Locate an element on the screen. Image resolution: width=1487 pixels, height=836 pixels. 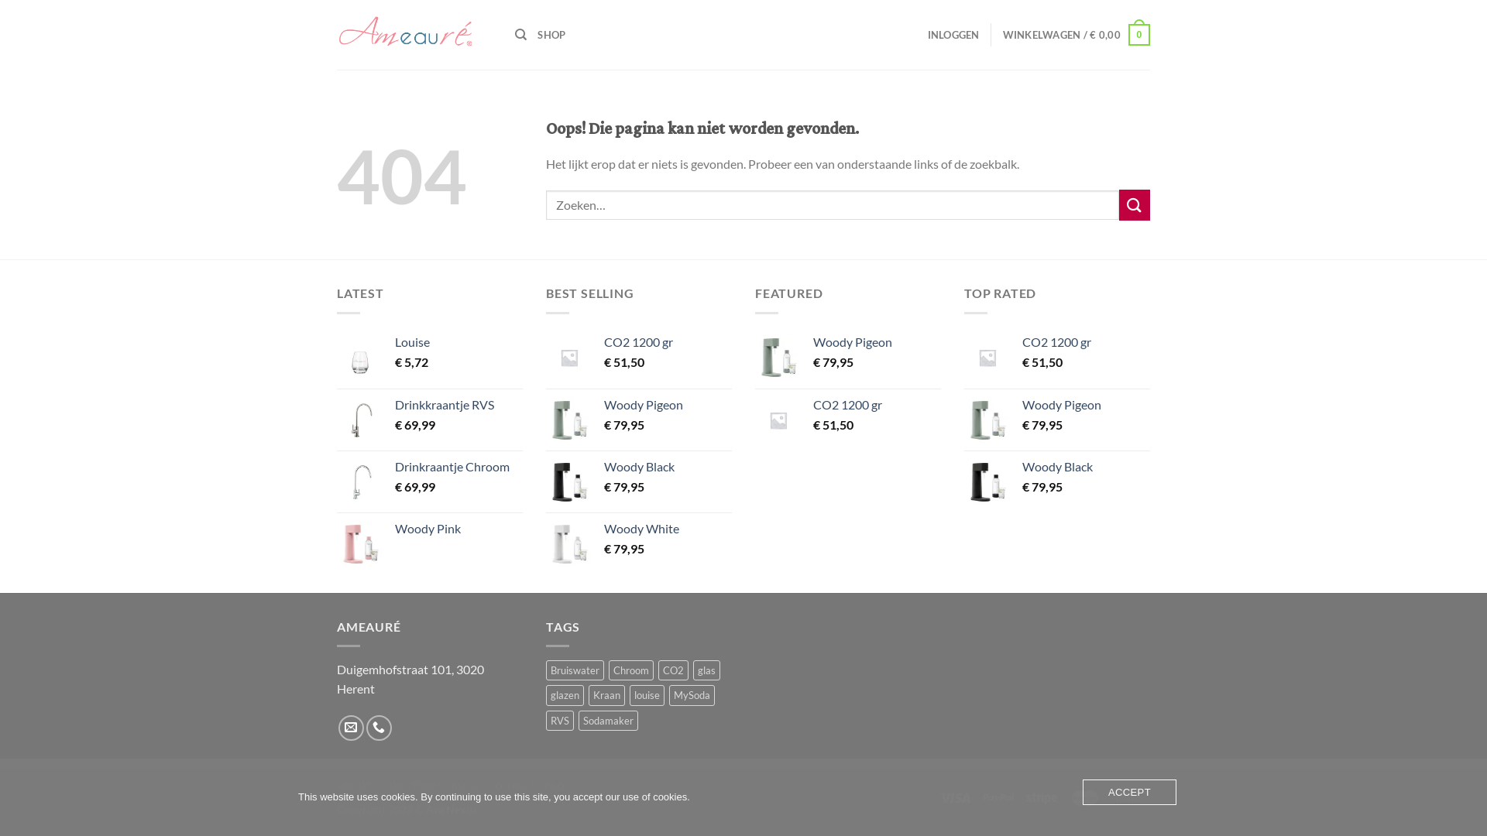
'CO2' is located at coordinates (673, 670).